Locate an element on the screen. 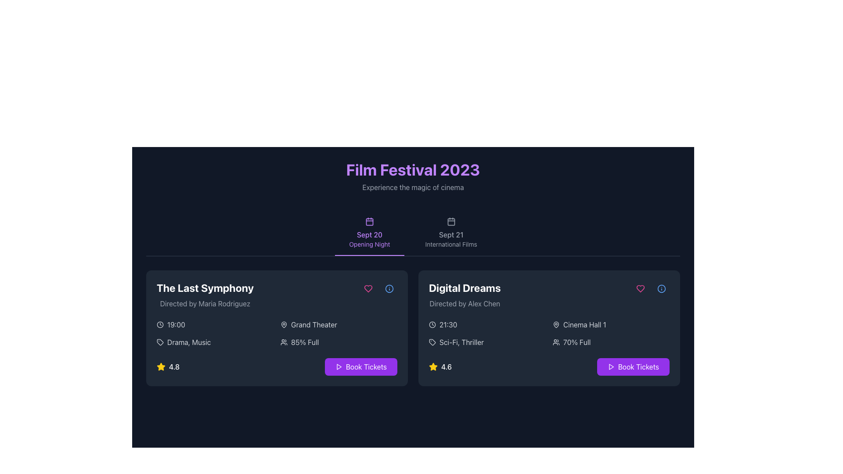 The width and height of the screenshot is (843, 474). the triangular play icon located inside the 'Book Tickets' button is located at coordinates (610, 367).